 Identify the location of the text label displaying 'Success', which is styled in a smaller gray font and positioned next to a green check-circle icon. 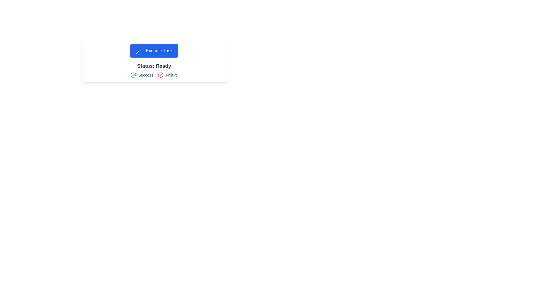
(146, 75).